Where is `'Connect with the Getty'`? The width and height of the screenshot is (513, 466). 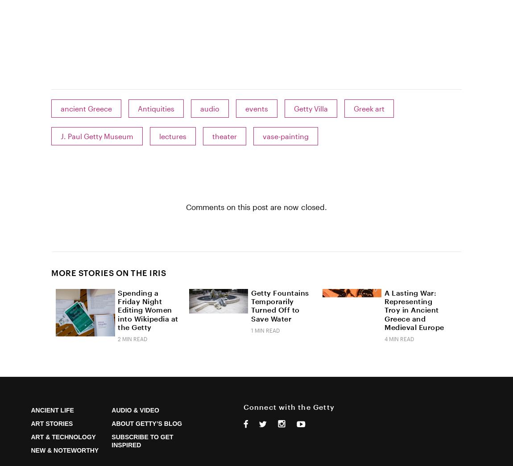
'Connect with the Getty' is located at coordinates (288, 406).